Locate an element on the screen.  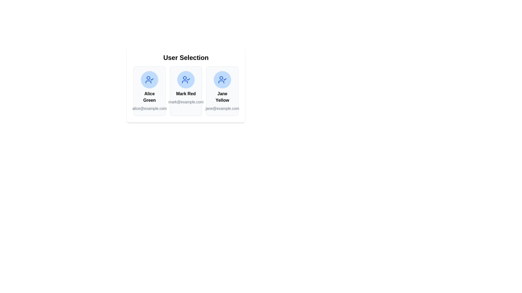
the text label displaying 'jane@example.com', which is positioned below the name 'Jane Yellow' in the user profile card is located at coordinates (222, 109).